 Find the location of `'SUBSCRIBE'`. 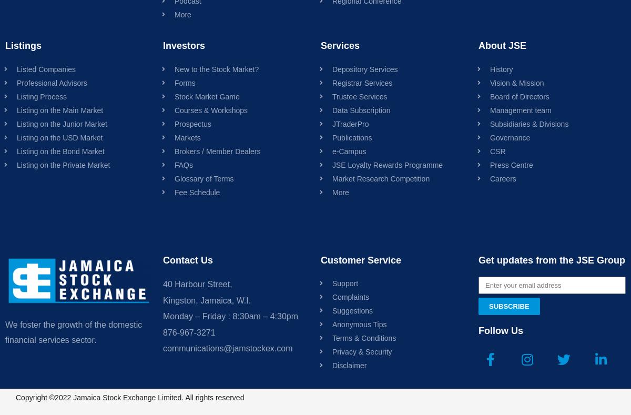

'SUBSCRIBE' is located at coordinates (509, 306).